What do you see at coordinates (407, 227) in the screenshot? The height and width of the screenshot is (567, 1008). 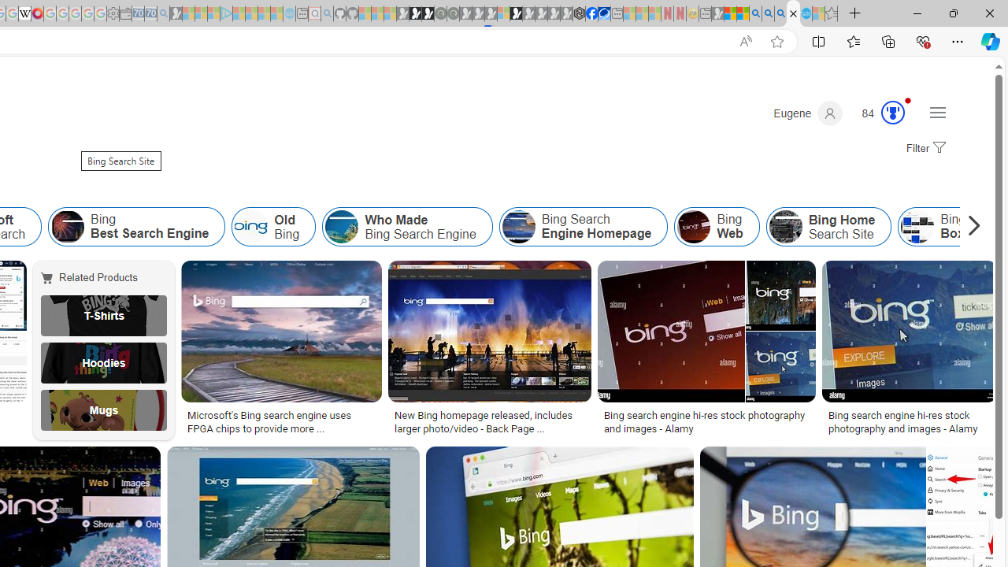 I see `'Who Made Bing Search Engine'` at bounding box center [407, 227].